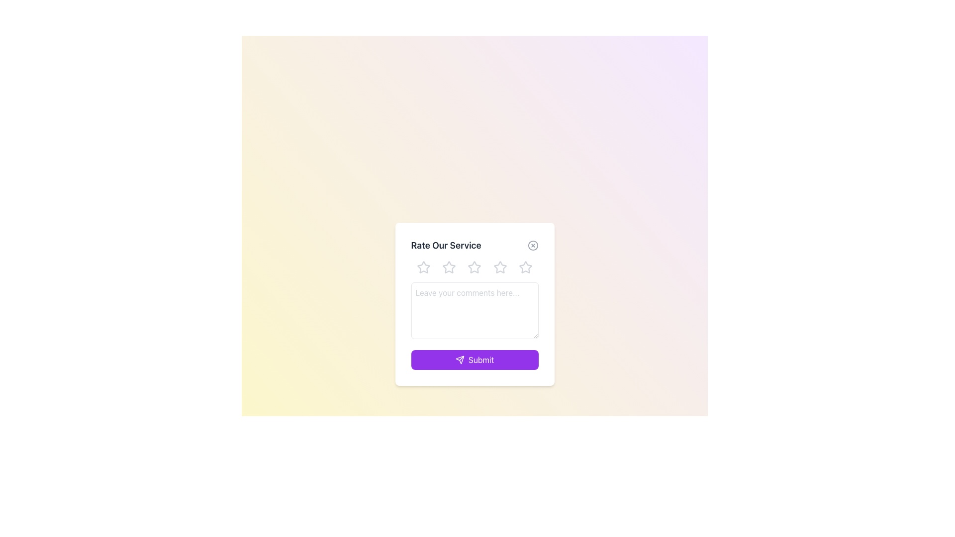 The image size is (955, 537). What do you see at coordinates (532, 245) in the screenshot?
I see `the close button located in the top-right corner of the 'Rate Our Service' interface` at bounding box center [532, 245].